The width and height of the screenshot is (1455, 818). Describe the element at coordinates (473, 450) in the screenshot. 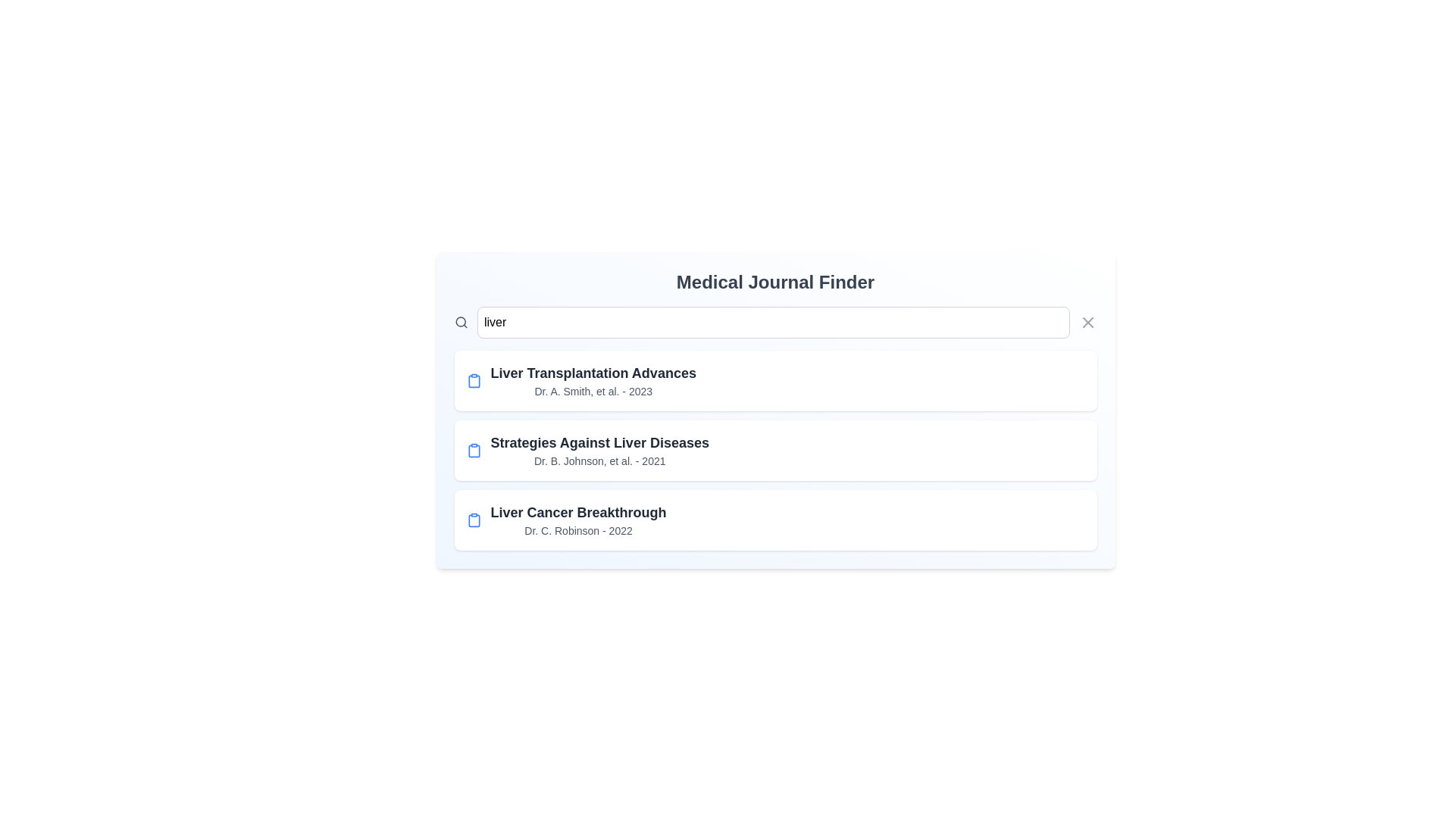

I see `the clipboard icon with a blue border and circular attachment, located in the second row of the search results list before the title 'Strategies Against Liver Diseases.'` at that location.